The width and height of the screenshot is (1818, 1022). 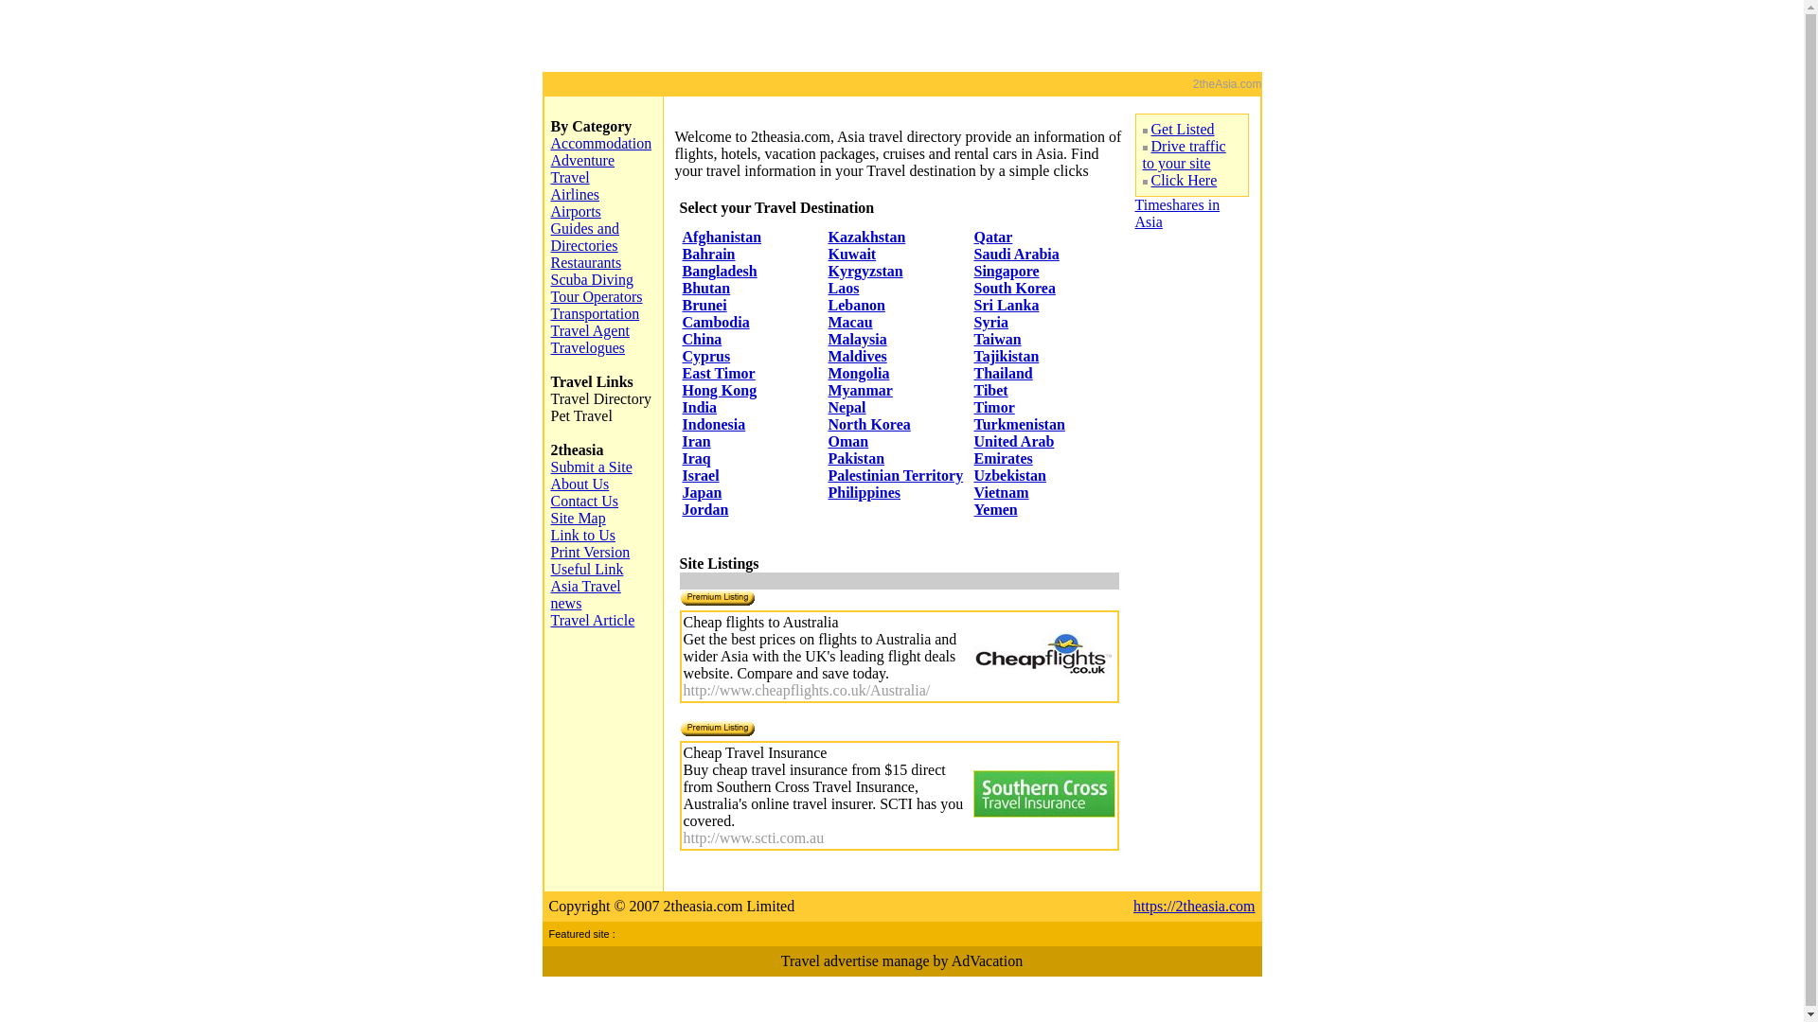 I want to click on 'About Us', so click(x=579, y=483).